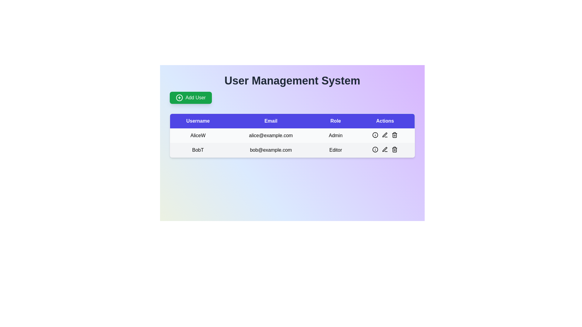 This screenshot has width=582, height=327. Describe the element at coordinates (385, 149) in the screenshot. I see `the pencil icon button in the 'Actions' column of the second row of the data table corresponding to user 'BobT'` at that location.